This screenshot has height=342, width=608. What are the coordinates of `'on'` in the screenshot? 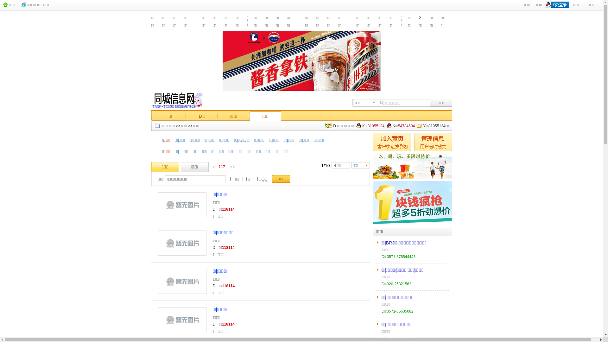 It's located at (232, 190).